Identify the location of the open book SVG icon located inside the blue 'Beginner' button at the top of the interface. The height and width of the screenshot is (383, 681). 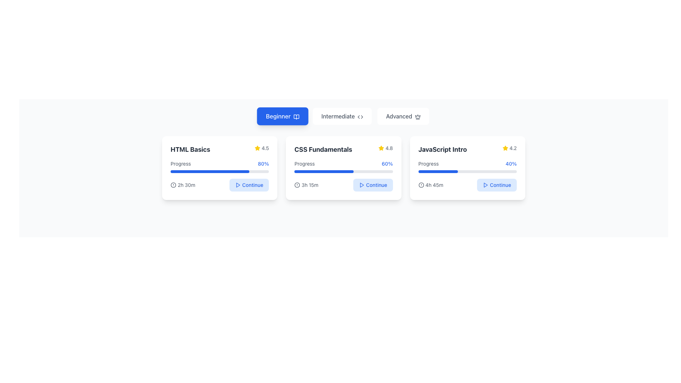
(297, 116).